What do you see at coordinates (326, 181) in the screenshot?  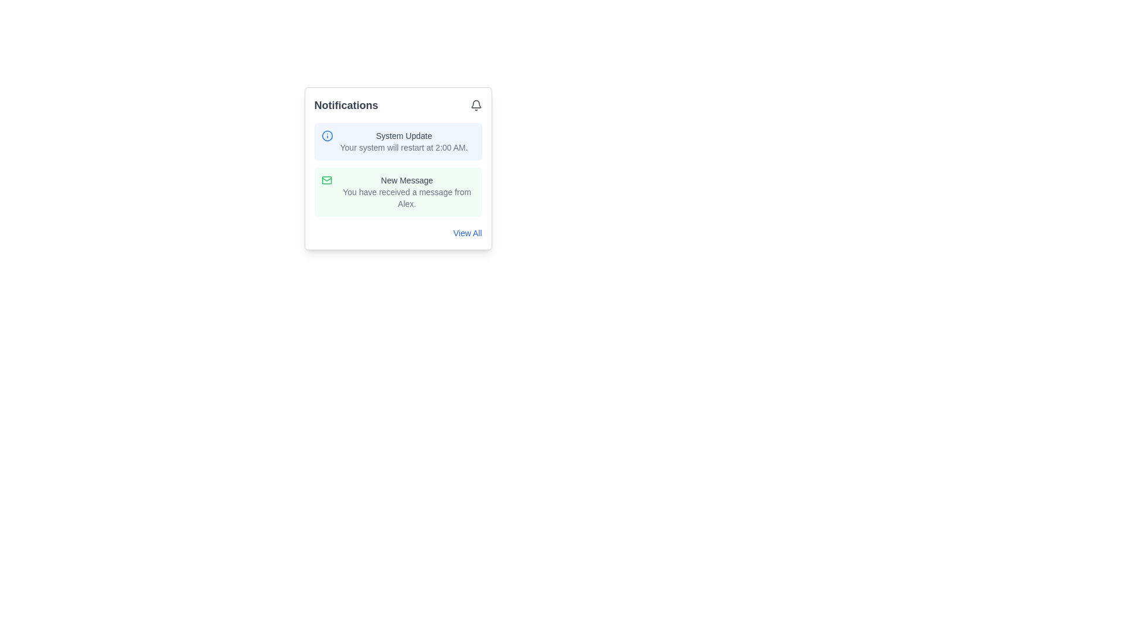 I see `the green outlined rectangular icon with rounded corners containing an envelope symbol, located to the left of the 'New Message' notification text within the notification card` at bounding box center [326, 181].